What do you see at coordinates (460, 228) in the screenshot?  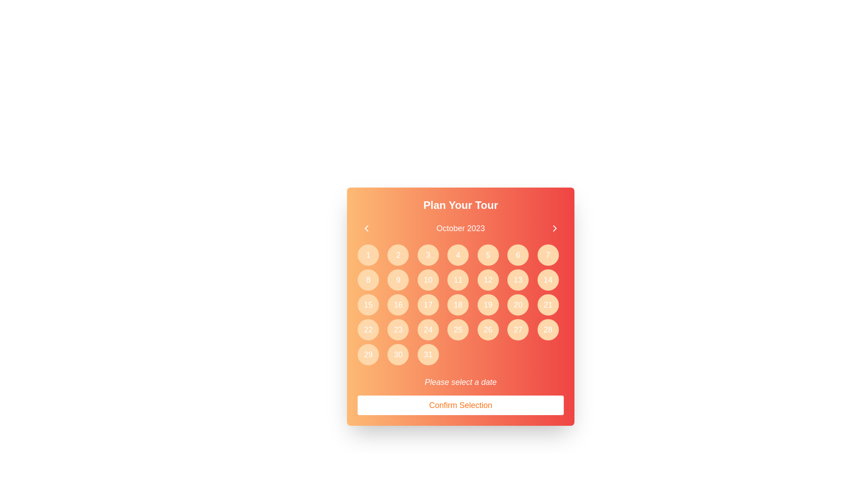 I see `the Text header displaying the current month and year in the calendar interface, located below the title 'Plan Your Tour'` at bounding box center [460, 228].